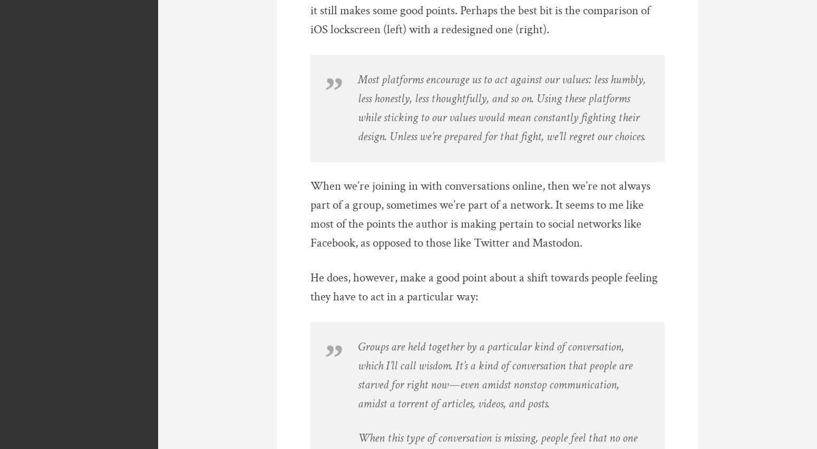 The image size is (817, 449). What do you see at coordinates (392, 99) in the screenshot?
I see `'honestly'` at bounding box center [392, 99].